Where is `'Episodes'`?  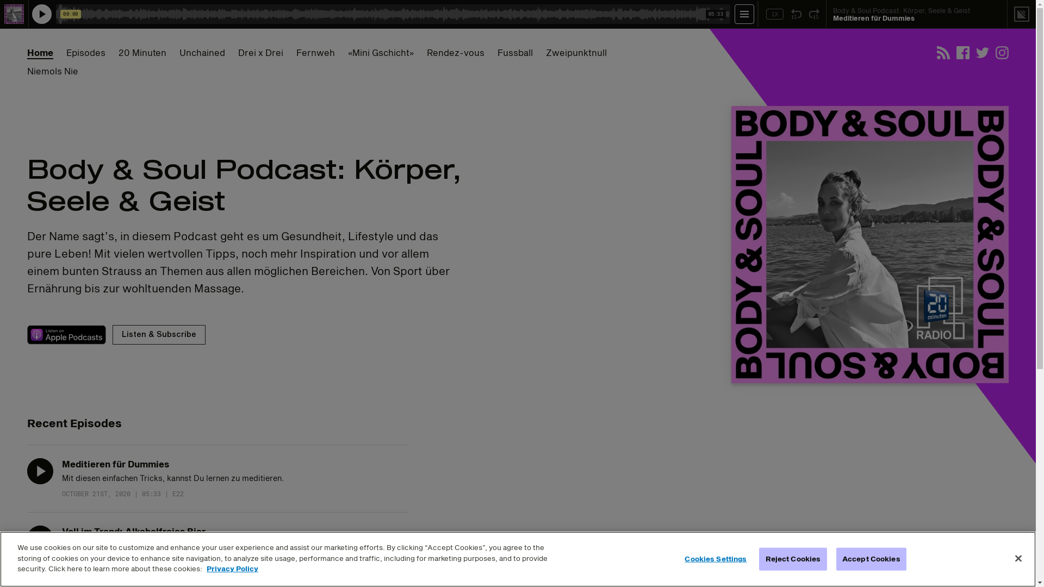
'Episodes' is located at coordinates (85, 52).